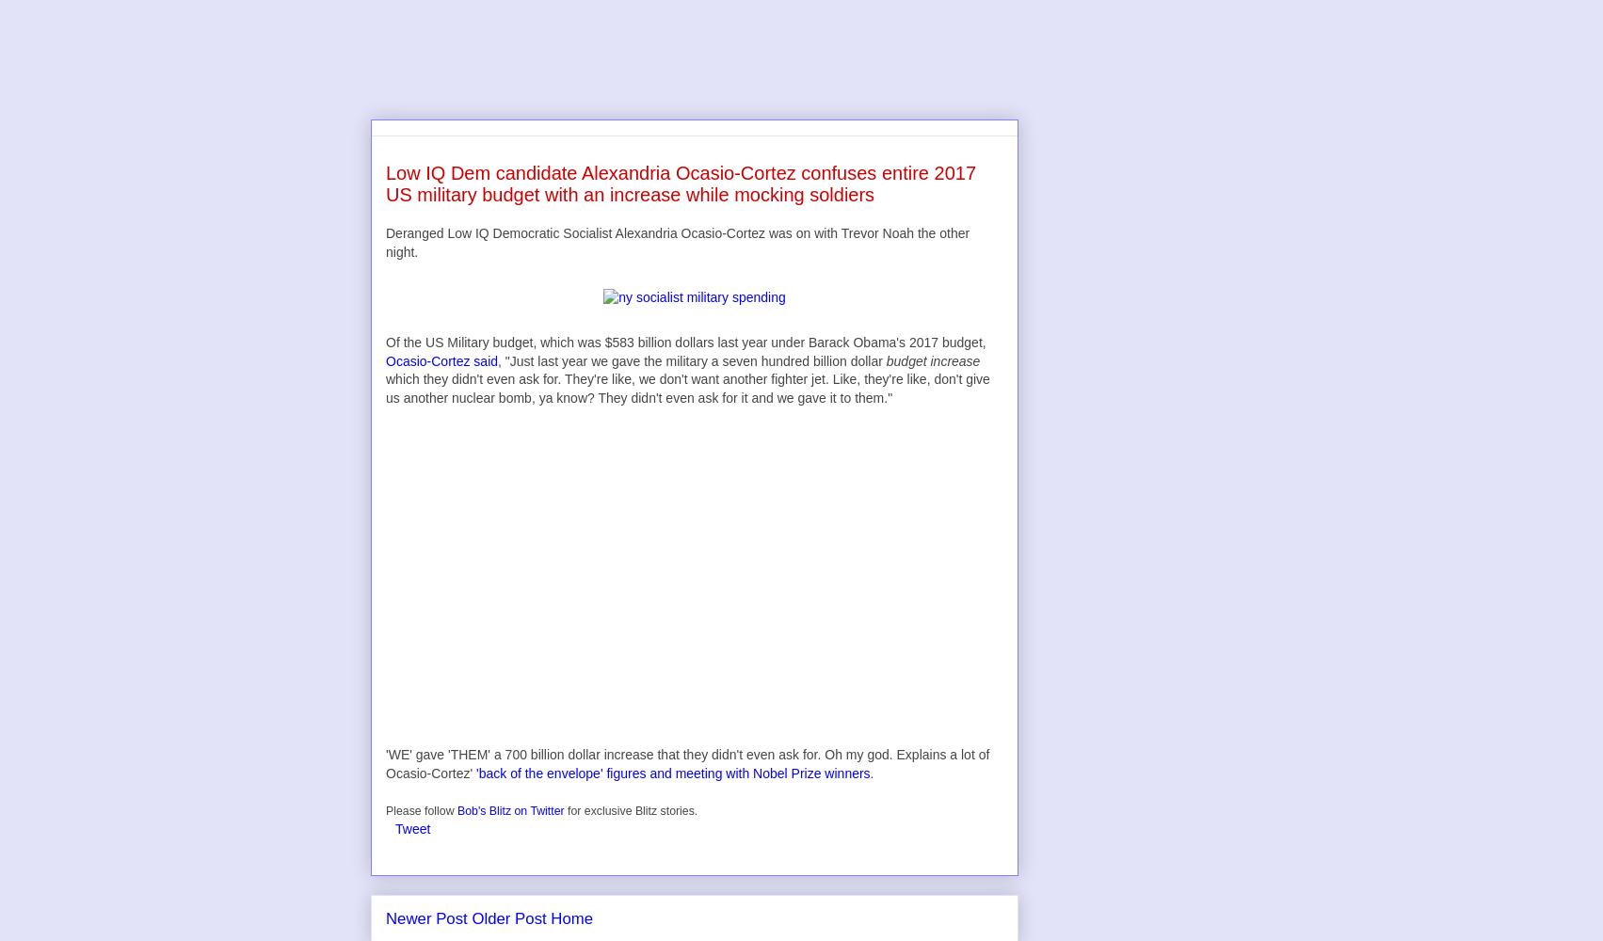 This screenshot has width=1603, height=941. What do you see at coordinates (425, 917) in the screenshot?
I see `'Newer Post'` at bounding box center [425, 917].